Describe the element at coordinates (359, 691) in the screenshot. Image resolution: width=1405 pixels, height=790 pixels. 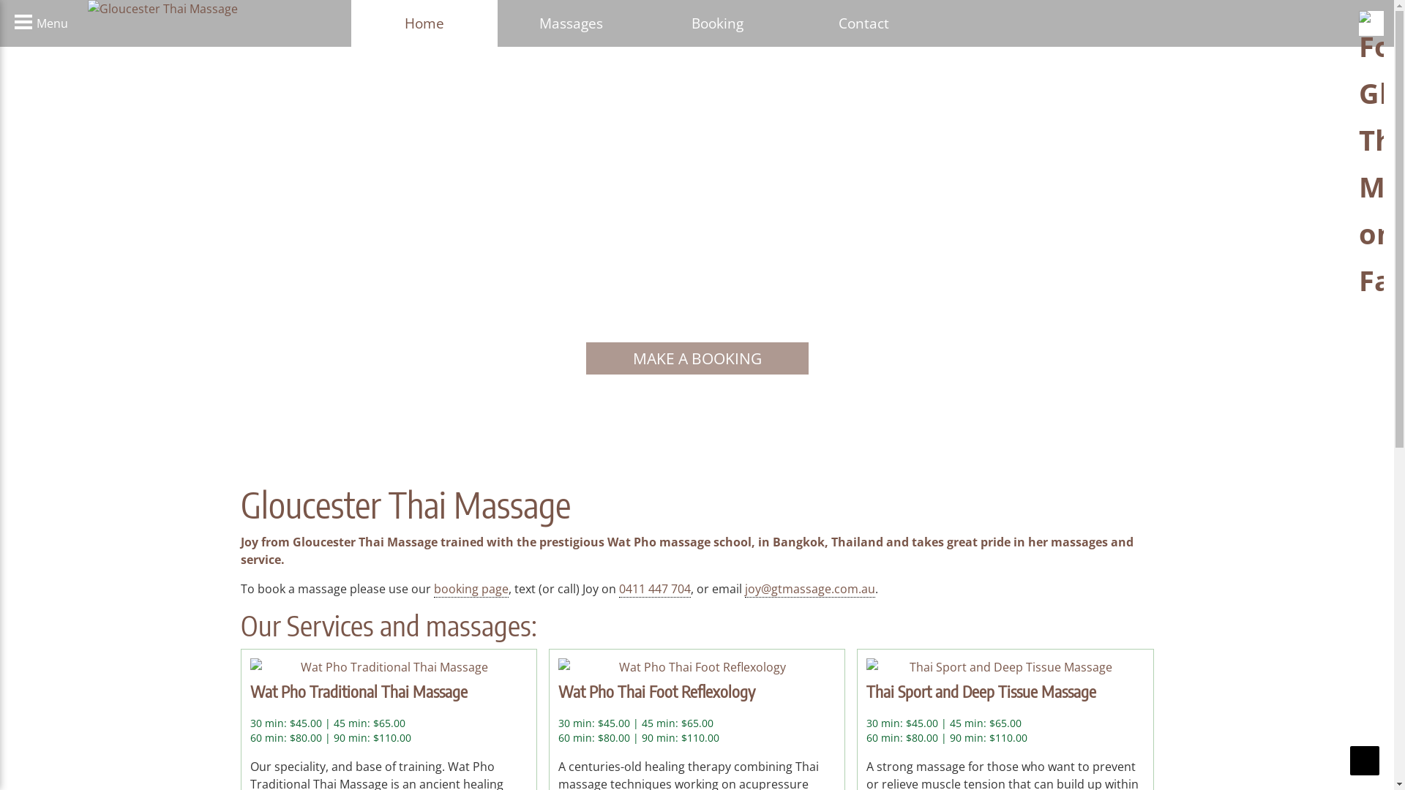
I see `'Wat Pho Traditional Thai Massage'` at that location.